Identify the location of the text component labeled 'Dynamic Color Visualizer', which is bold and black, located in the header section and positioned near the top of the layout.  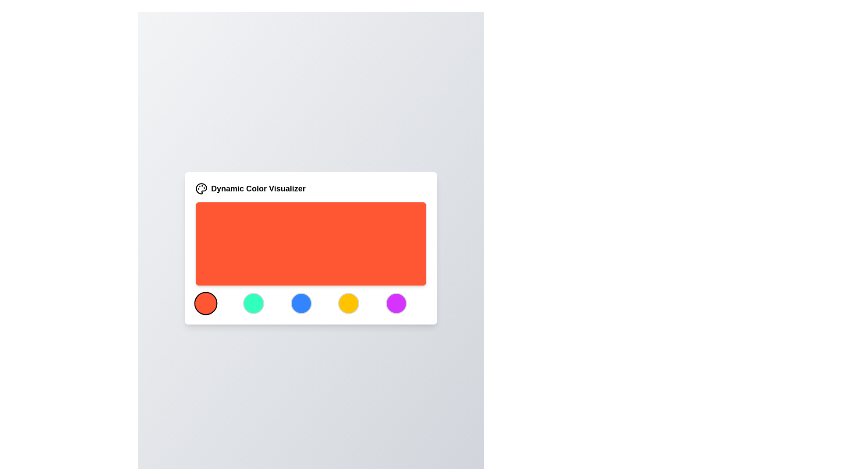
(258, 188).